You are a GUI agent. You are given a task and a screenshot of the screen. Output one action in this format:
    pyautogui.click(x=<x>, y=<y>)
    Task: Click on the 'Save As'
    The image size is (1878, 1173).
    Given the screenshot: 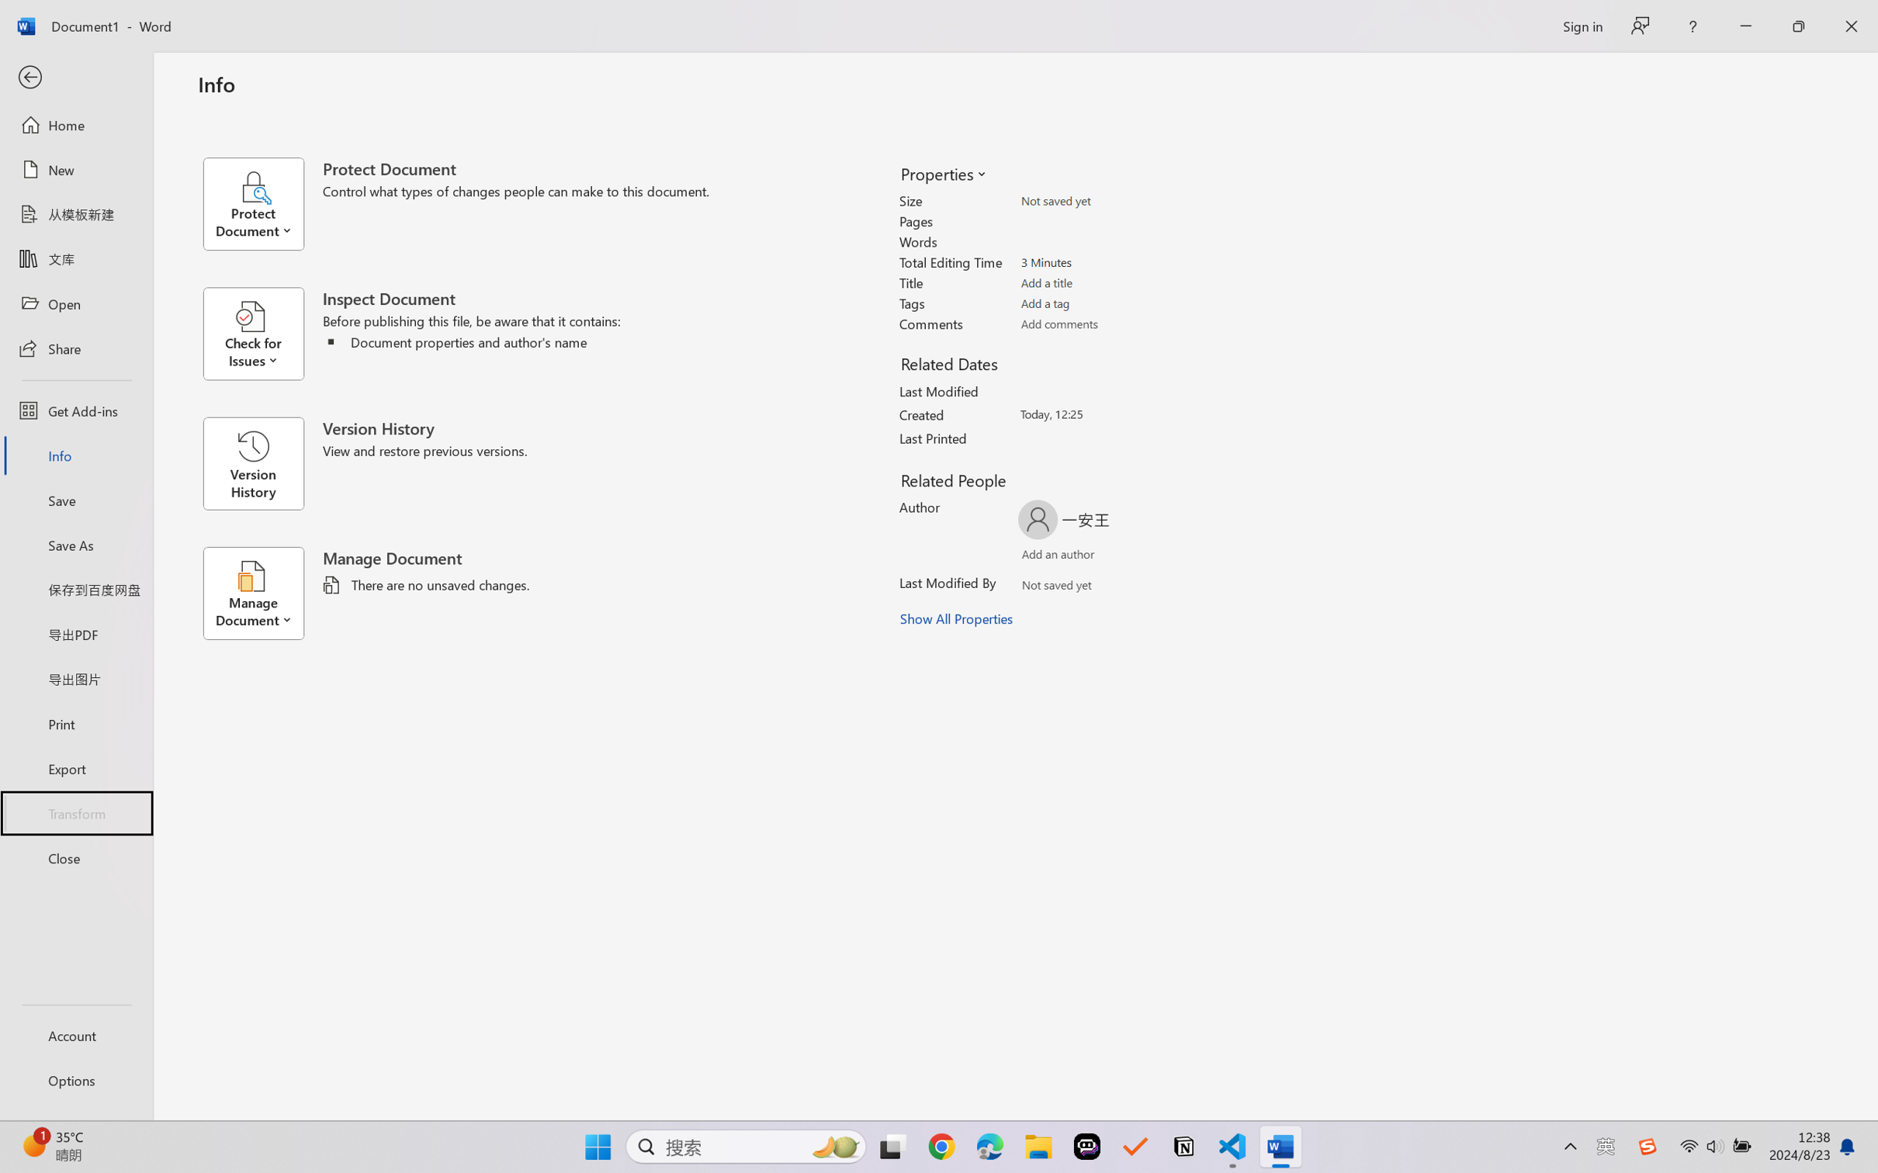 What is the action you would take?
    pyautogui.click(x=75, y=545)
    